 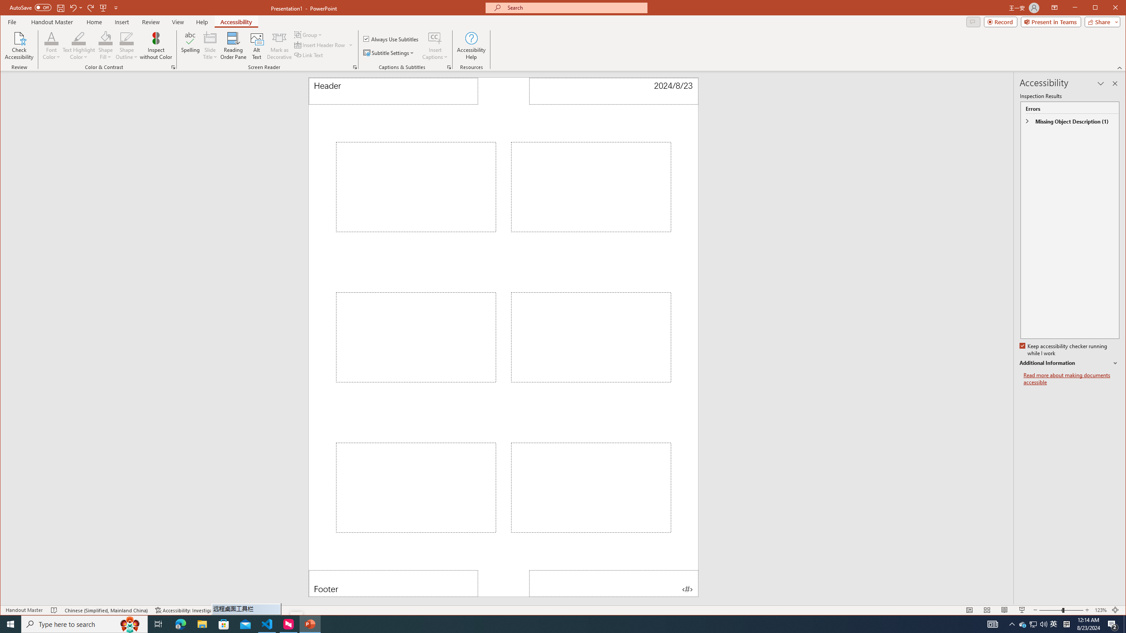 What do you see at coordinates (1071, 378) in the screenshot?
I see `'Read more about making documents accessible'` at bounding box center [1071, 378].